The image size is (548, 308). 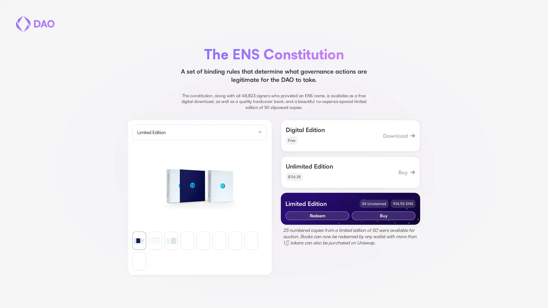 What do you see at coordinates (139, 240) in the screenshot?
I see `Limited edition book and case` at bounding box center [139, 240].